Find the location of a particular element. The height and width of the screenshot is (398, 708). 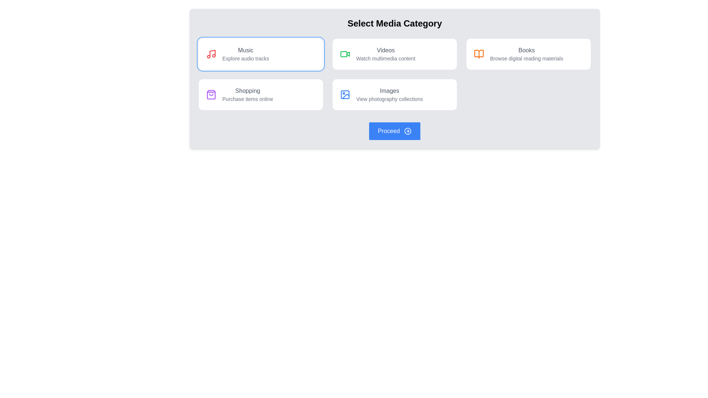

the Shape element representing the 'Images' category icon, which is located towards the bottom right of the media category options, adjacent to 'Shopping' is located at coordinates (345, 94).